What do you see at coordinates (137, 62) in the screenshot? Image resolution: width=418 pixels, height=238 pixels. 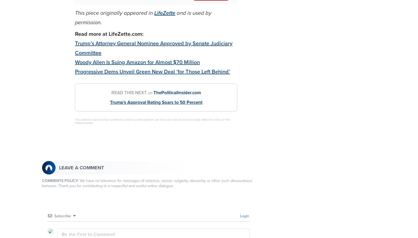 I see `'Woody Allen Is Suing Amazon for Almost $70 Million'` at bounding box center [137, 62].